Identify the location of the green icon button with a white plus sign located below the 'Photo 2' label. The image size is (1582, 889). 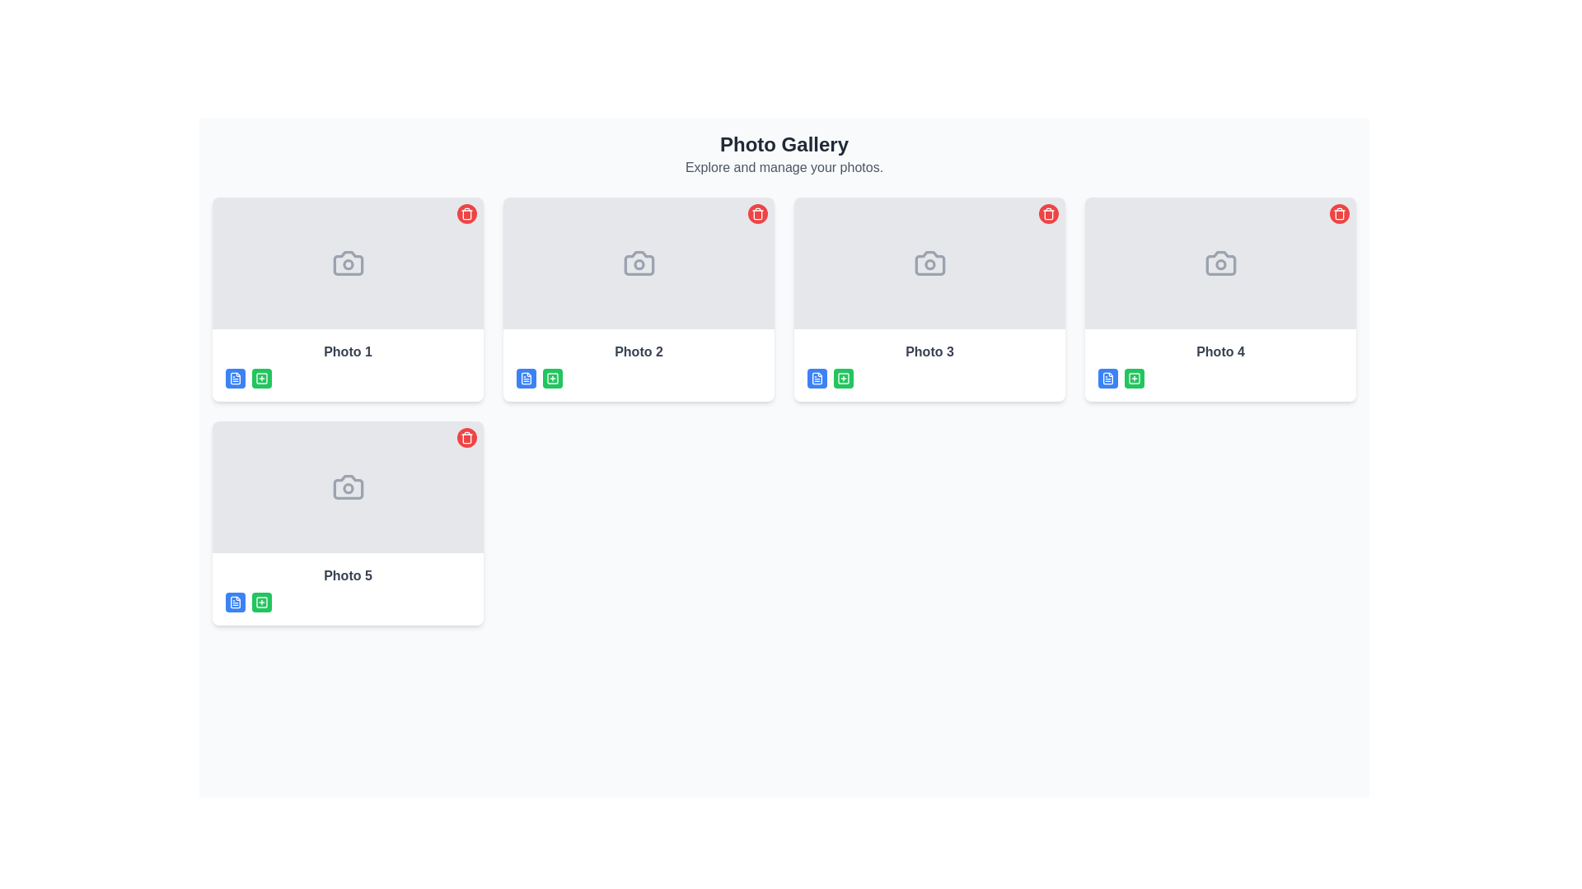
(553, 378).